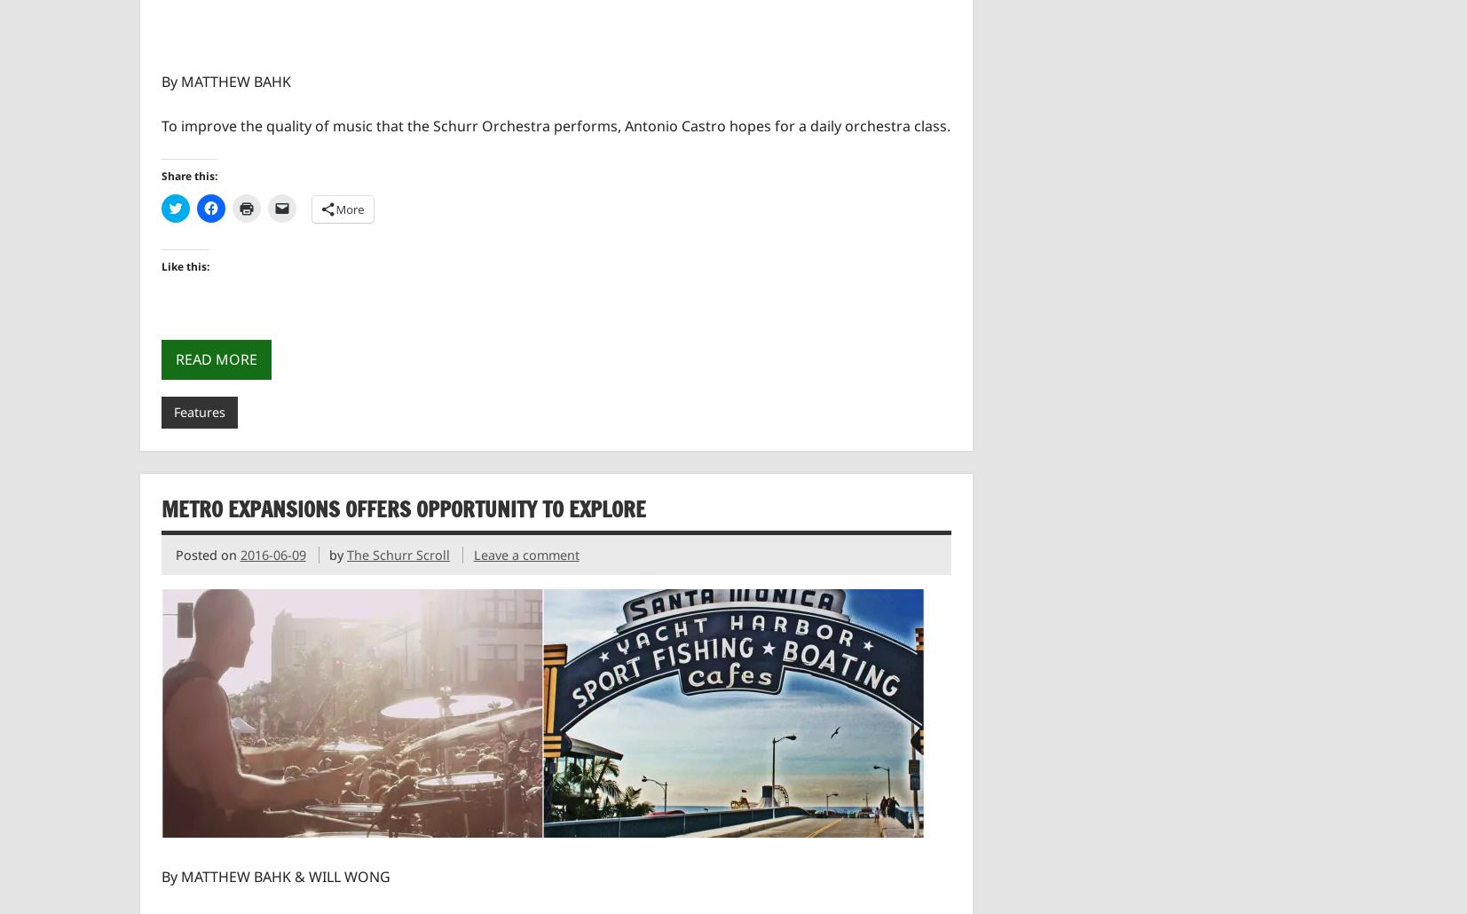  What do you see at coordinates (225, 80) in the screenshot?
I see `'By MATTHEW BAHK'` at bounding box center [225, 80].